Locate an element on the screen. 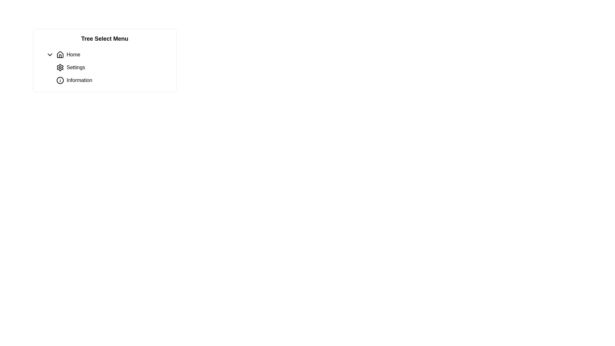  the information icon, which is a circular icon with a black border and an 'i' symbol, located to the left of the 'Information' text label in the tree menu structure is located at coordinates (60, 80).